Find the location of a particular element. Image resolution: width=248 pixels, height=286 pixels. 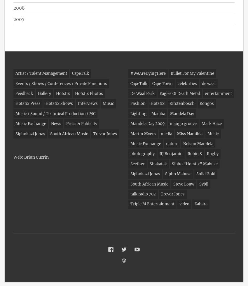

'Sipho "Hotstix" Mabuse' is located at coordinates (195, 163).